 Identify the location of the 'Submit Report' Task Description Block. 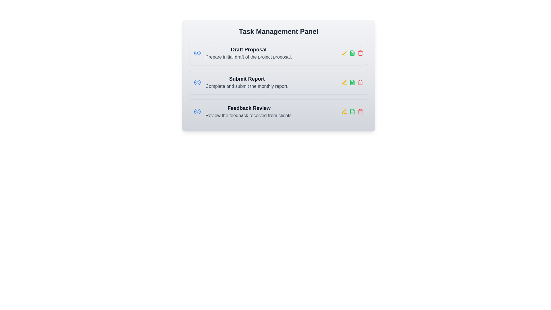
(247, 82).